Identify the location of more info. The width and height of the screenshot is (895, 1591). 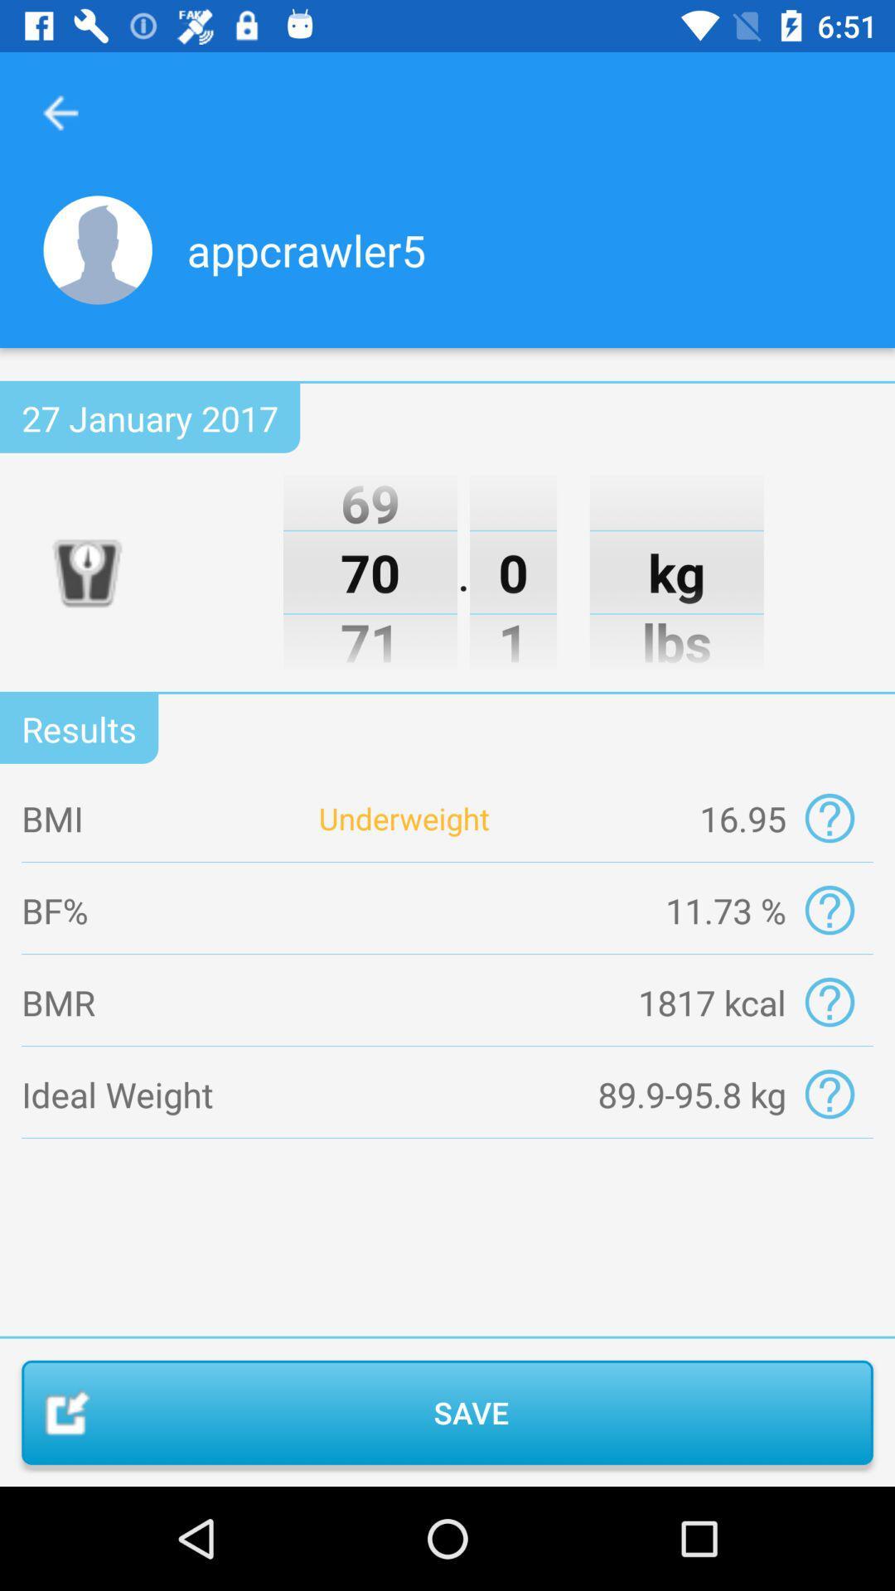
(830, 909).